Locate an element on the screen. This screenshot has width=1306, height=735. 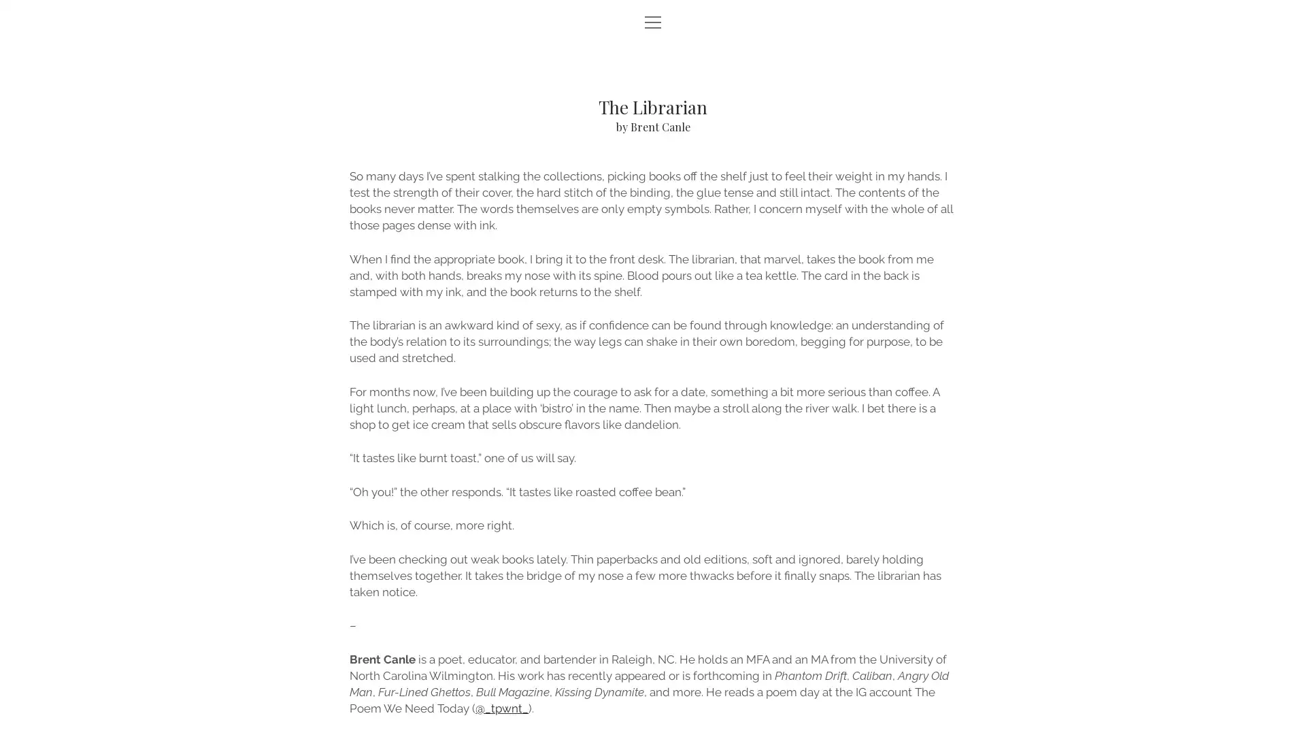
open menu is located at coordinates (653, 23).